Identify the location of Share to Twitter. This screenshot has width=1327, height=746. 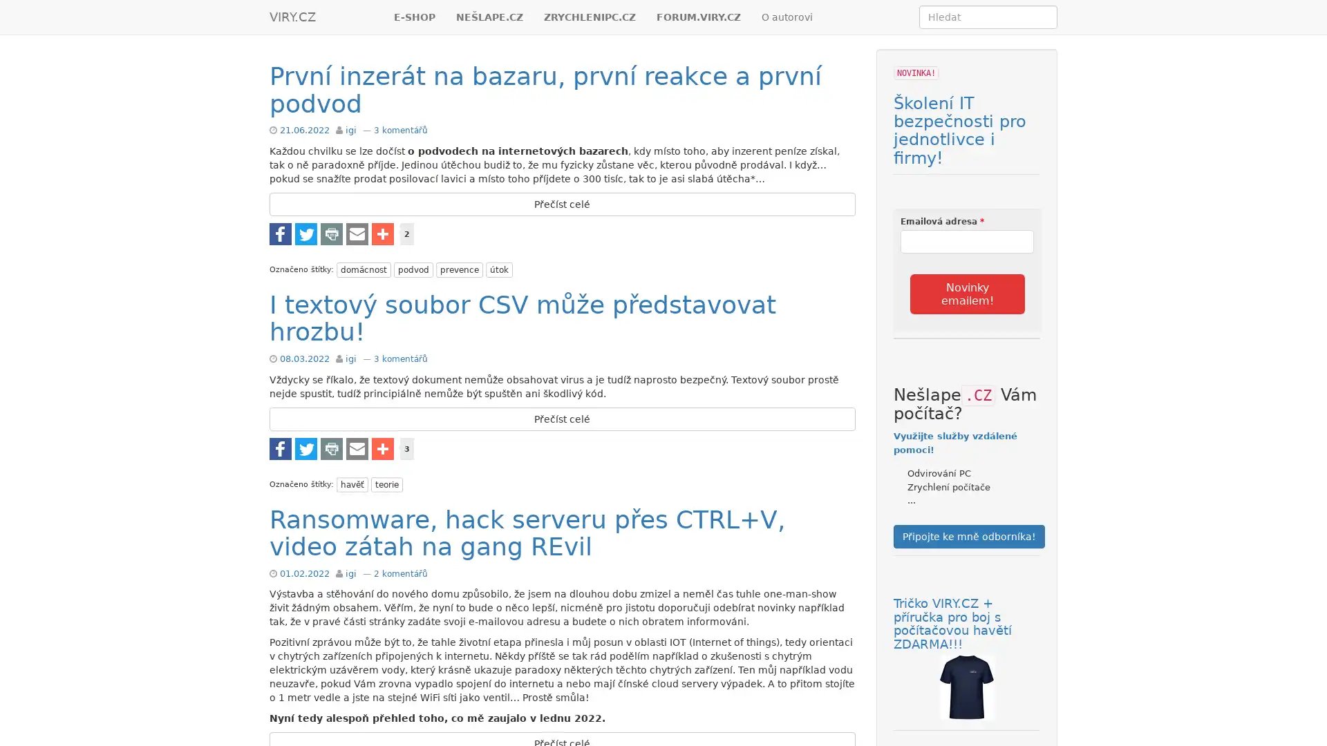
(305, 233).